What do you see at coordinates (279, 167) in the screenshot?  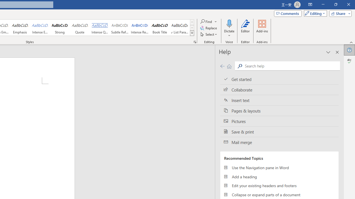 I see `'Use the Navigation pane in Word'` at bounding box center [279, 167].